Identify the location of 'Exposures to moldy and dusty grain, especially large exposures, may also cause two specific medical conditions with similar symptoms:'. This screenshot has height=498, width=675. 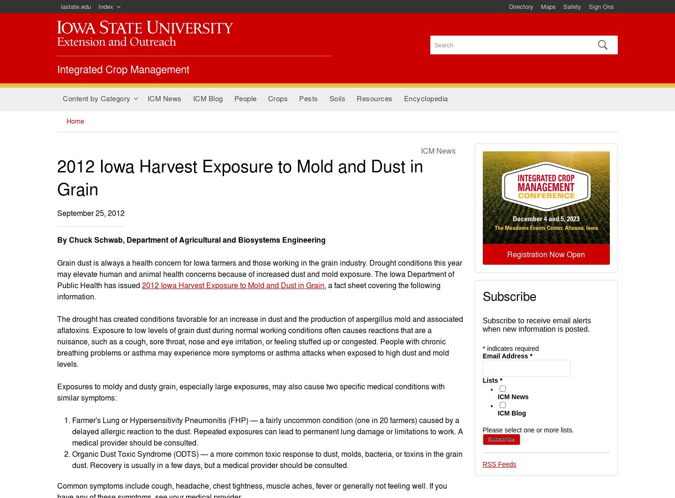
(250, 392).